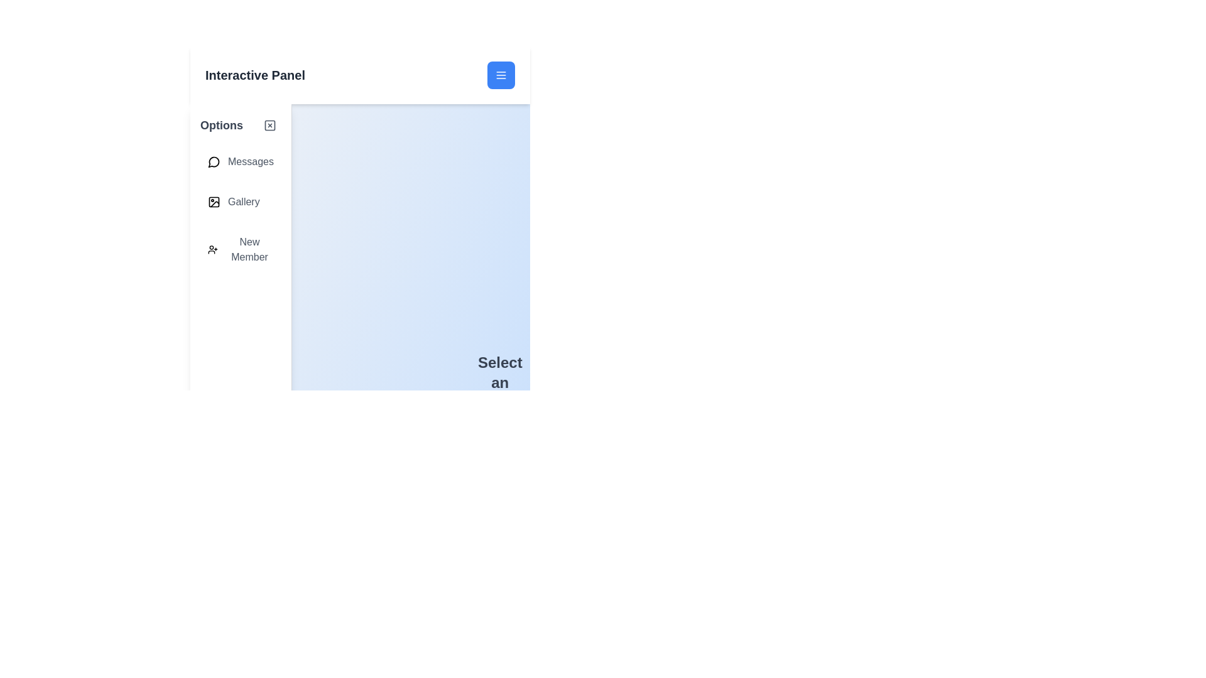  Describe the element at coordinates (269, 126) in the screenshot. I see `the circular button with an 'X' mark inside a square outline, located to the right of the 'Options' title` at that location.